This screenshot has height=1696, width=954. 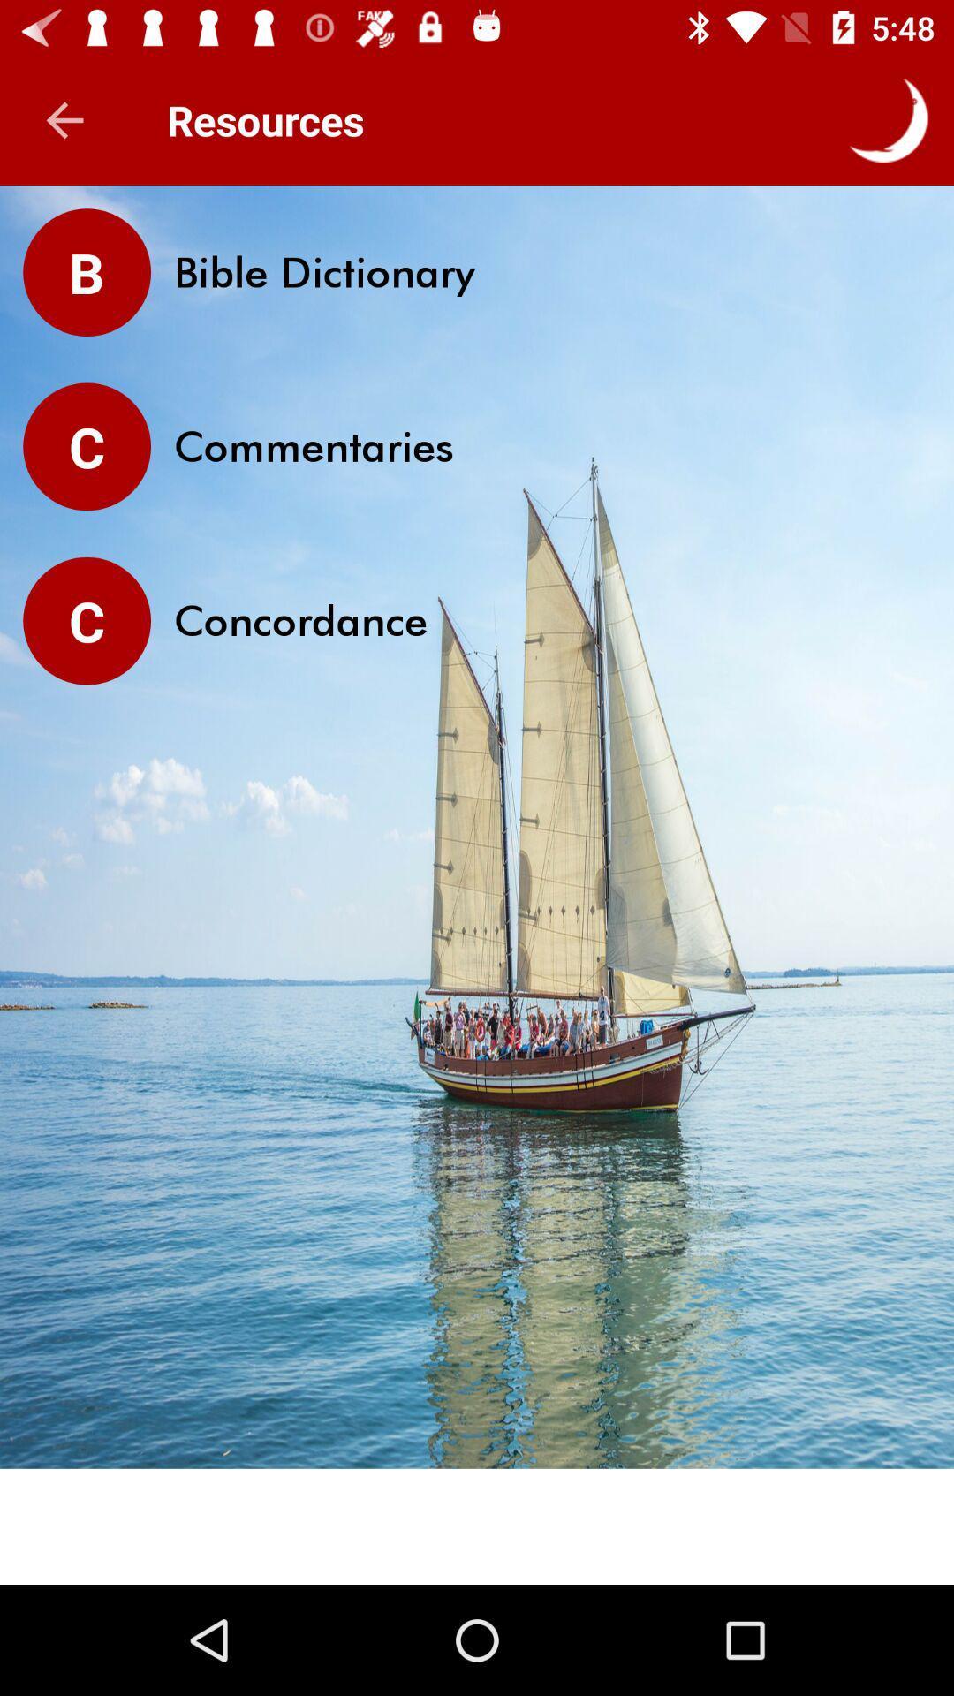 I want to click on previous, so click(x=64, y=119).